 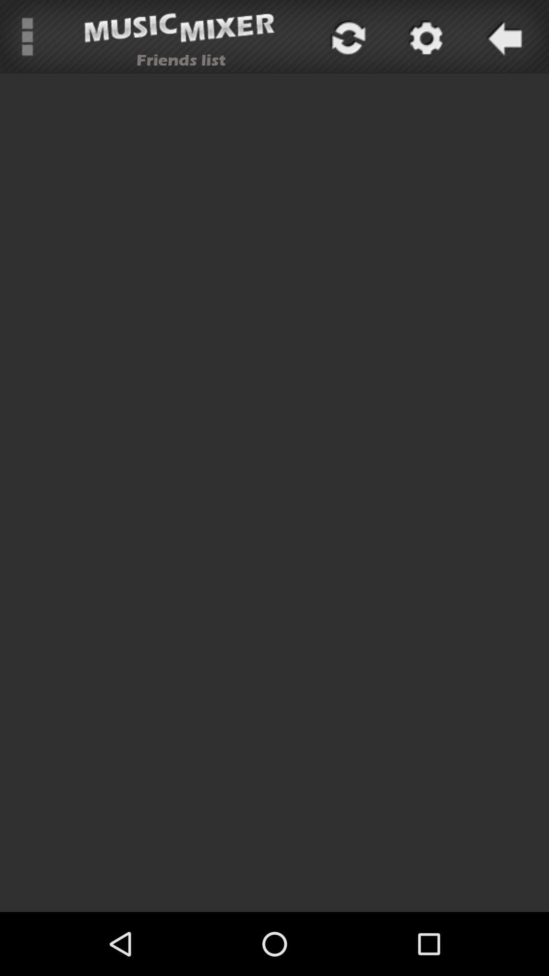 I want to click on the refresh icon, so click(x=346, y=39).